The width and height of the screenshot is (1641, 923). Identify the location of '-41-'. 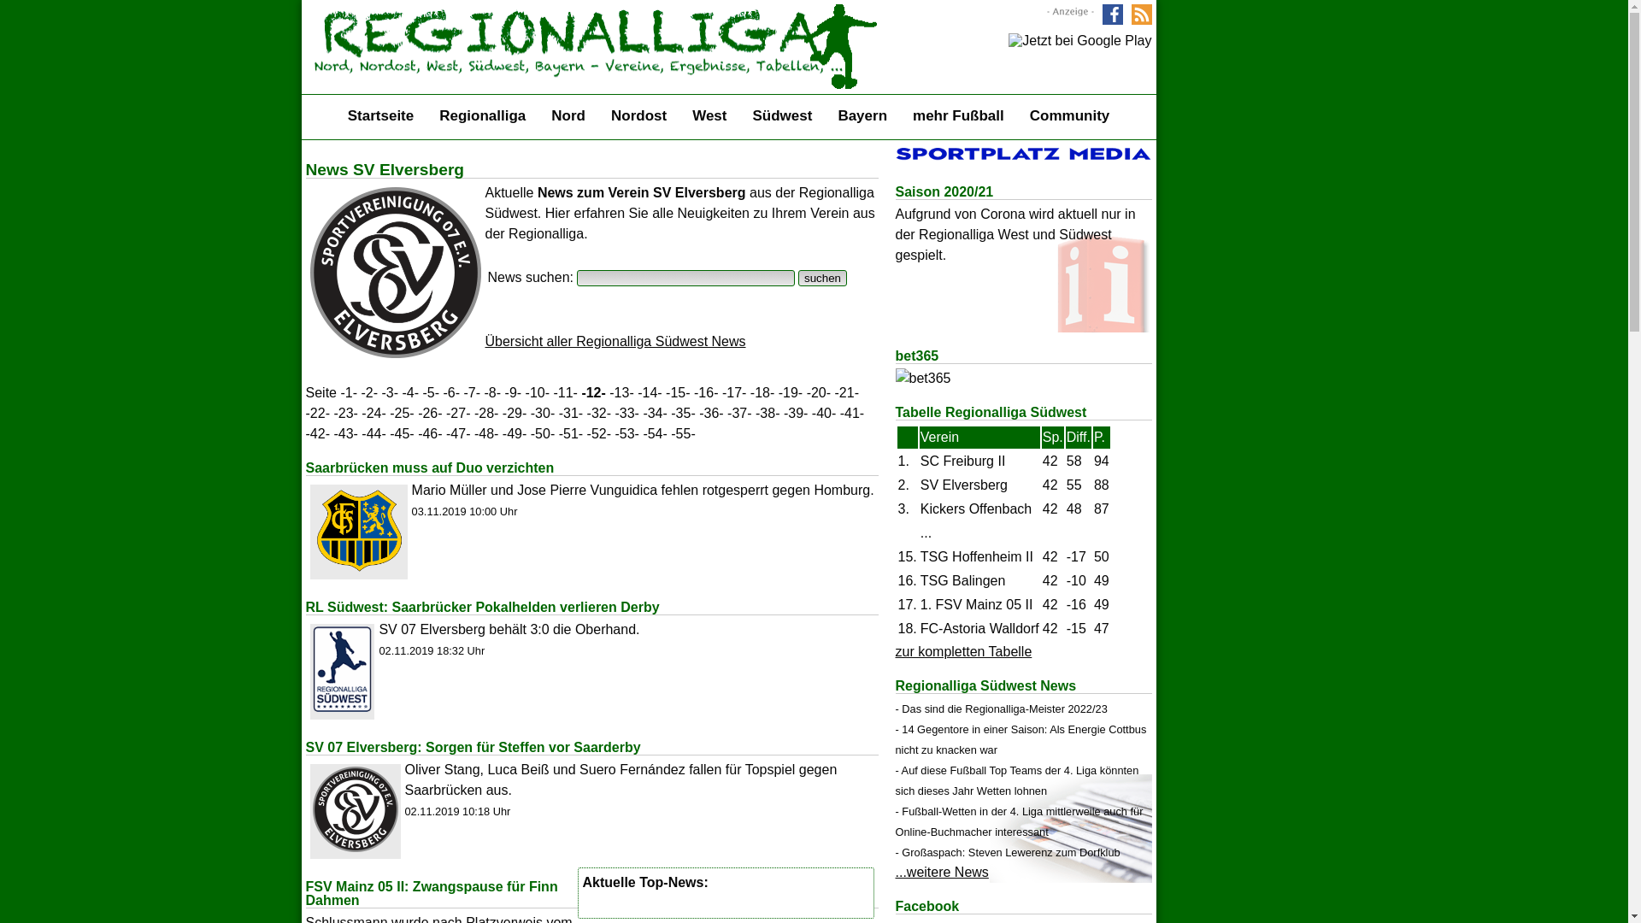
(840, 413).